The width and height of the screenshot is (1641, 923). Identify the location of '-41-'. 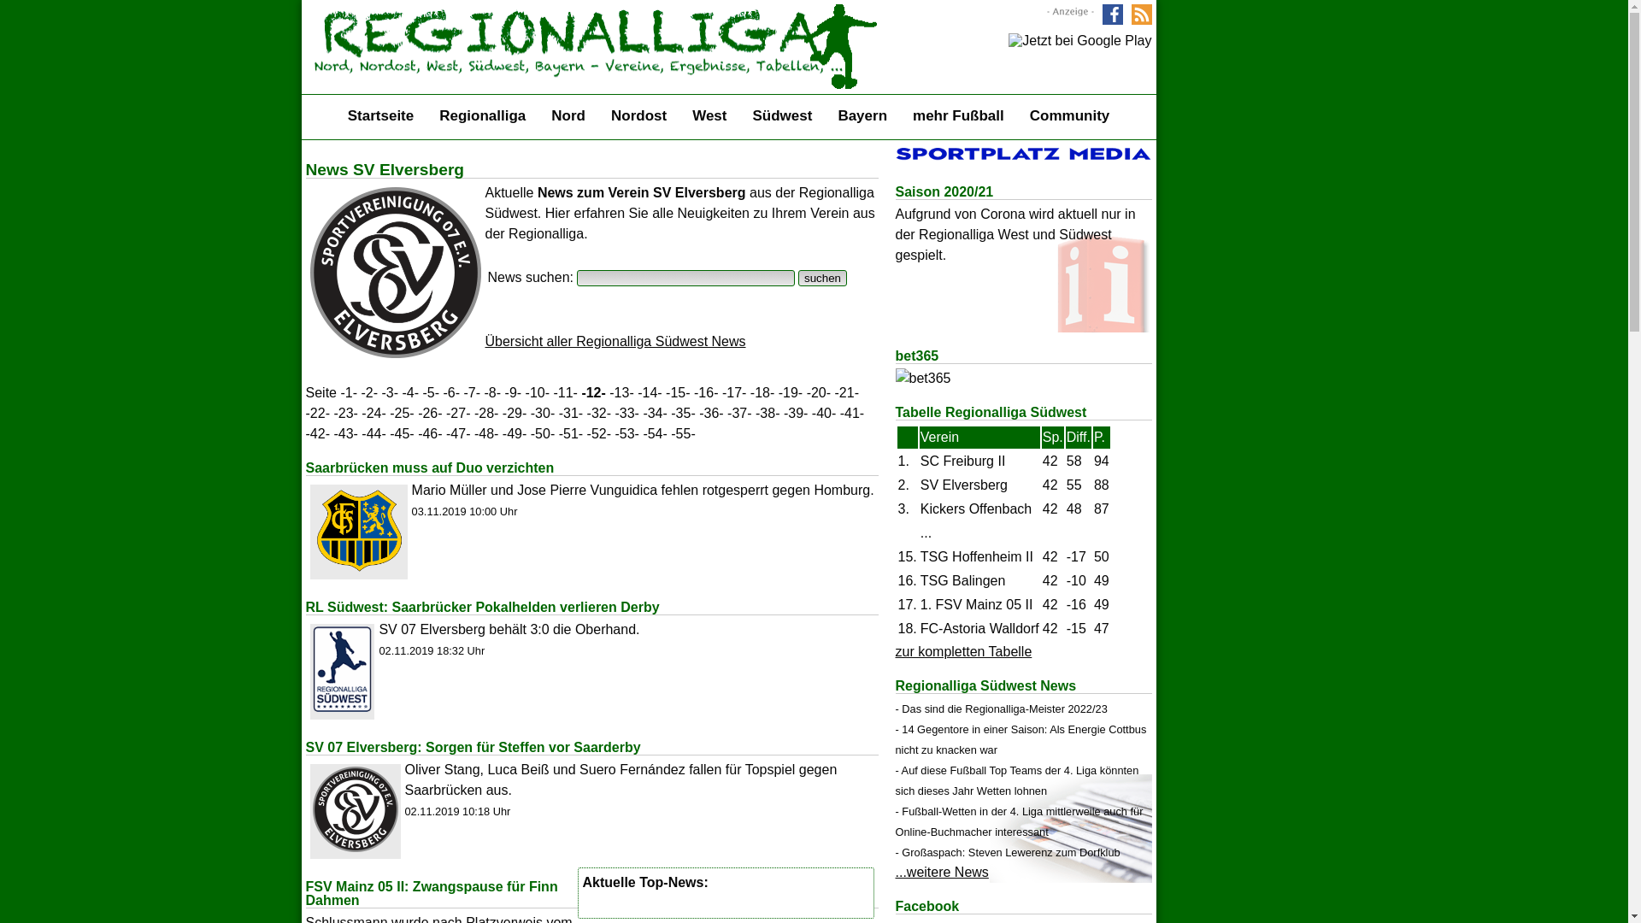
(840, 413).